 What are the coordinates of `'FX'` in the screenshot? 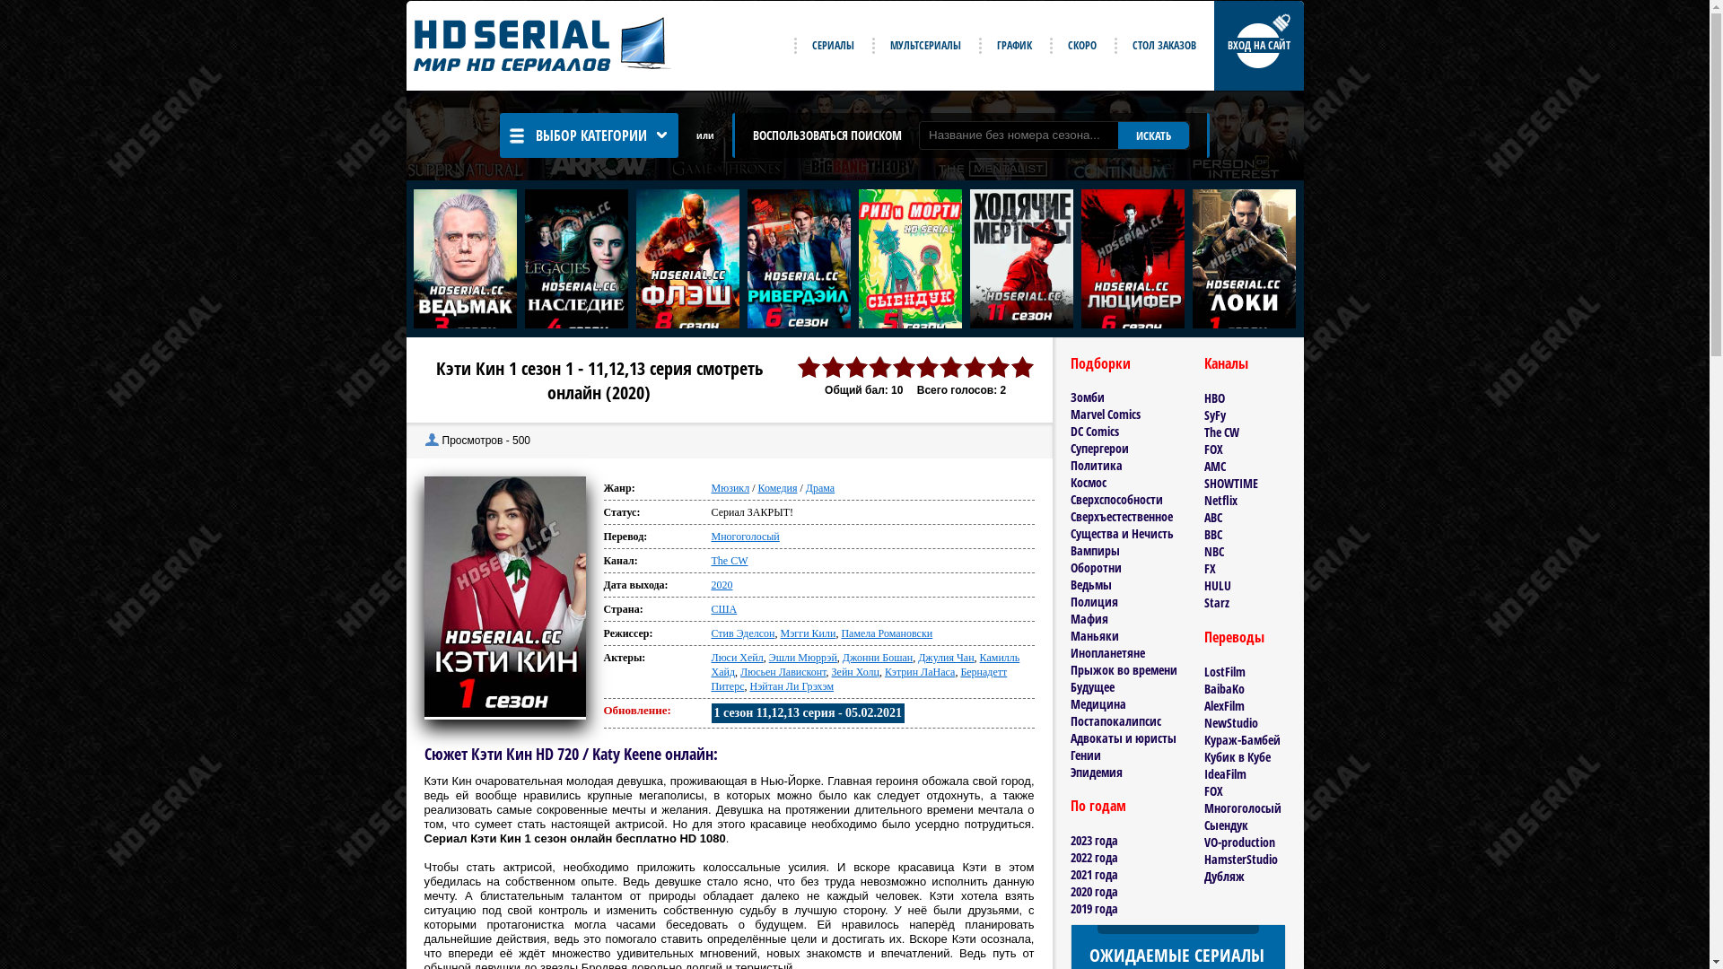 It's located at (1210, 568).